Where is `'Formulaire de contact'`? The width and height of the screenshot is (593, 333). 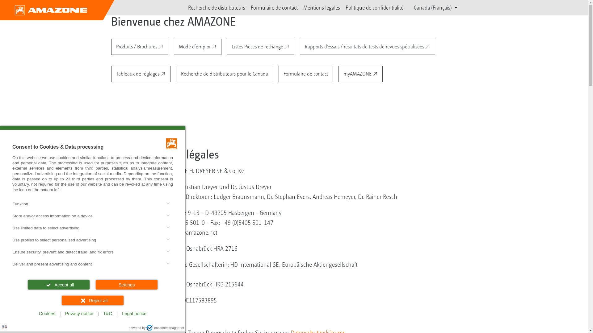 'Formulaire de contact' is located at coordinates (305, 73).